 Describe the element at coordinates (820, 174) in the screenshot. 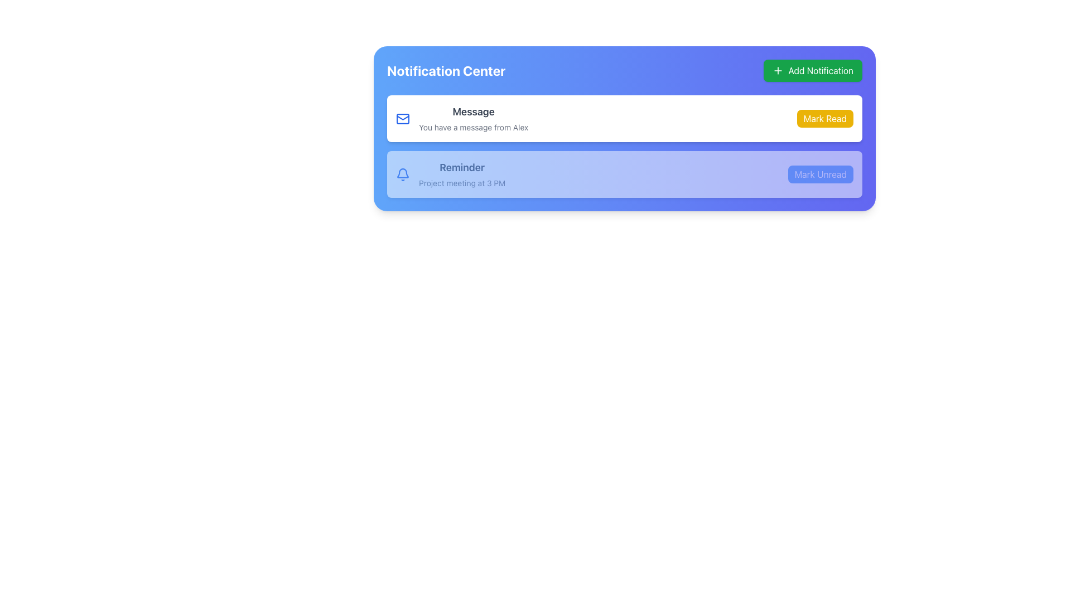

I see `the 'Mark Unread' button located in the second notification card titled 'Reminder' to mark the notification as unread` at that location.